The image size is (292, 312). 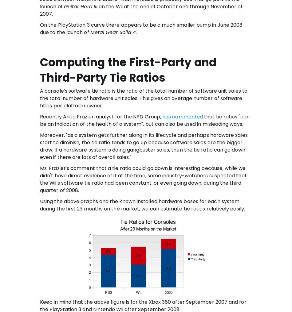 I want to click on 'On
the PlayStation 3 curve there appears to be a much smaller bump in
June 2008 due to the launch of', so click(x=141, y=28).